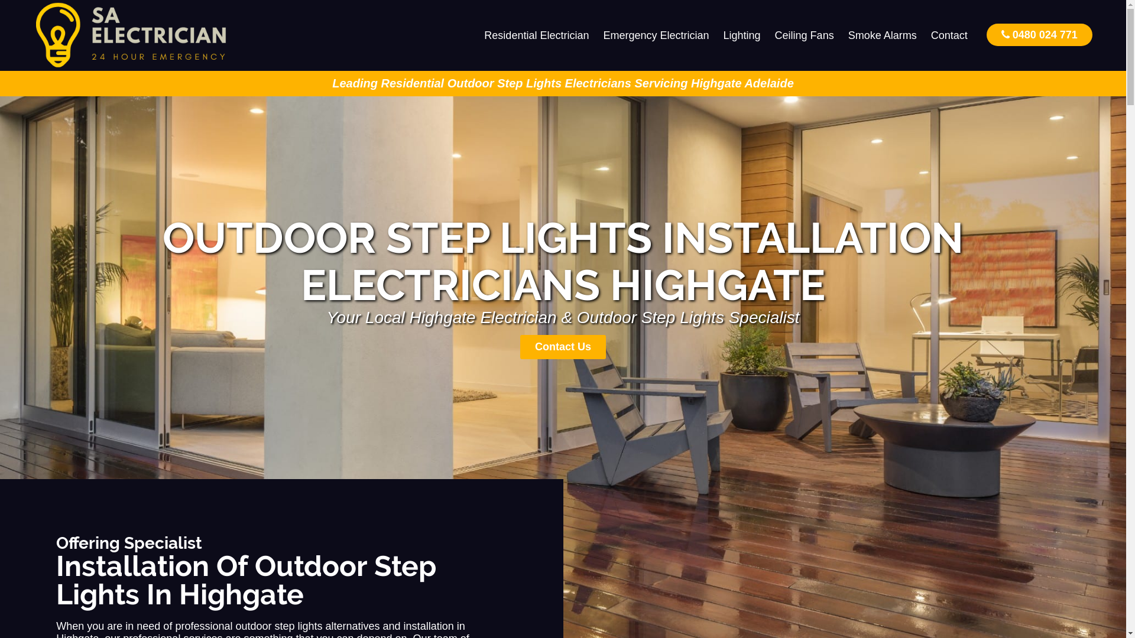 This screenshot has height=638, width=1135. I want to click on 'Lighting', so click(741, 35).